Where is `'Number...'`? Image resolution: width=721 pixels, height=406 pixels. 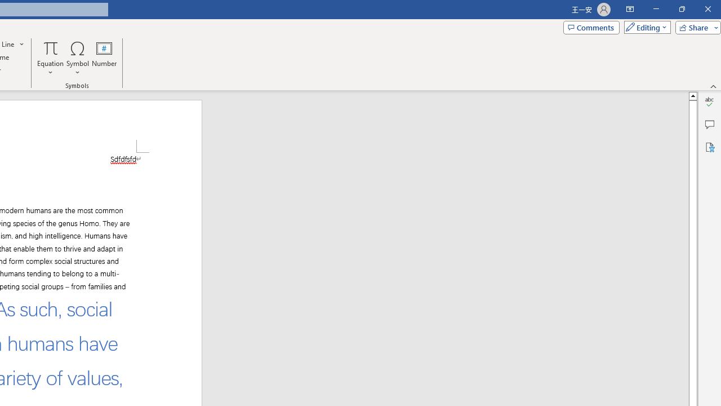 'Number...' is located at coordinates (104, 58).